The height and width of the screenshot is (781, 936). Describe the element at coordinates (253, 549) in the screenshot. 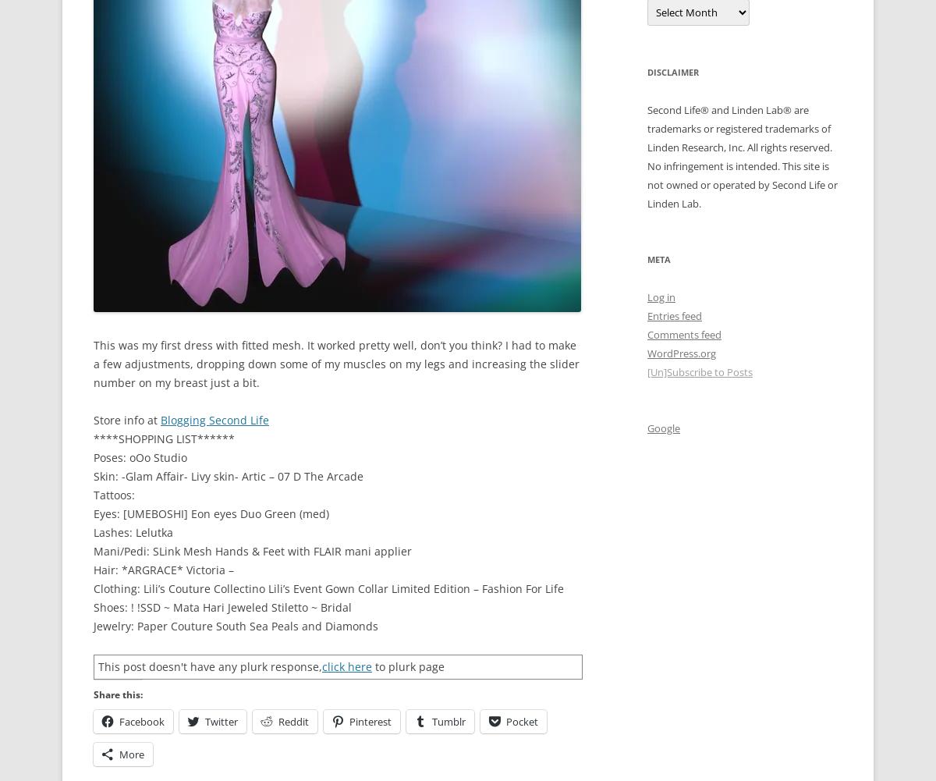

I see `'Mani/Pedi: SLink Mesh Hands & Feet with FLAIR mani applier'` at that location.